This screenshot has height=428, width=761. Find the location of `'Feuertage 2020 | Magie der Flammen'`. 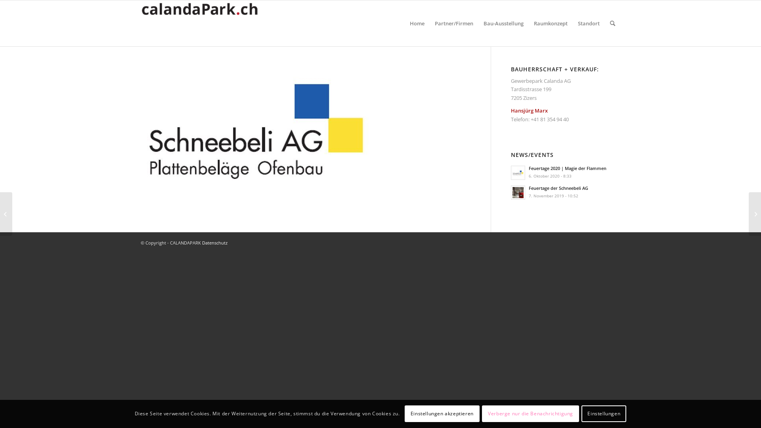

'Feuertage 2020 | Magie der Flammen' is located at coordinates (567, 168).